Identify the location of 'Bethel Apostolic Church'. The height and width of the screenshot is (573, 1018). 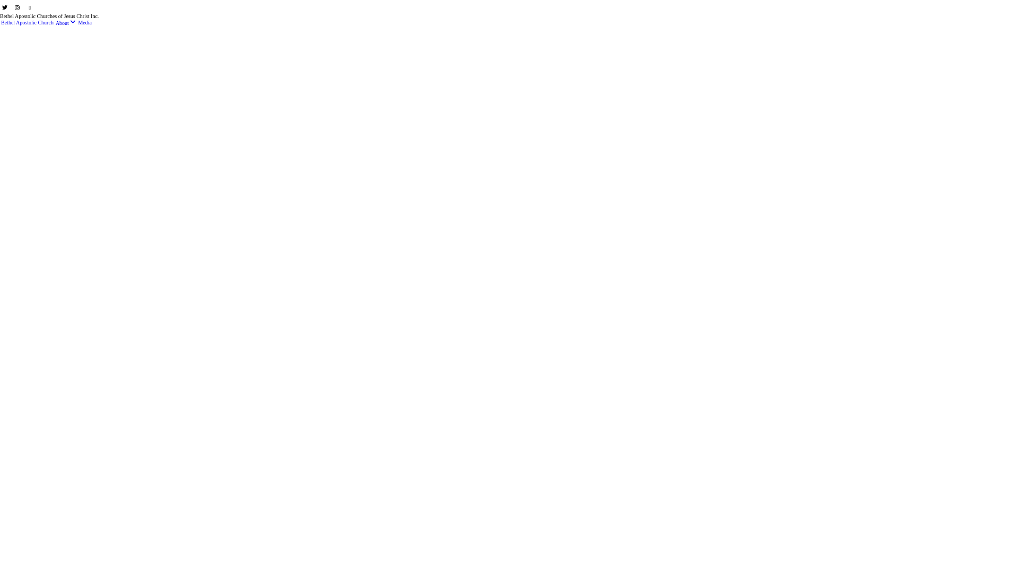
(27, 22).